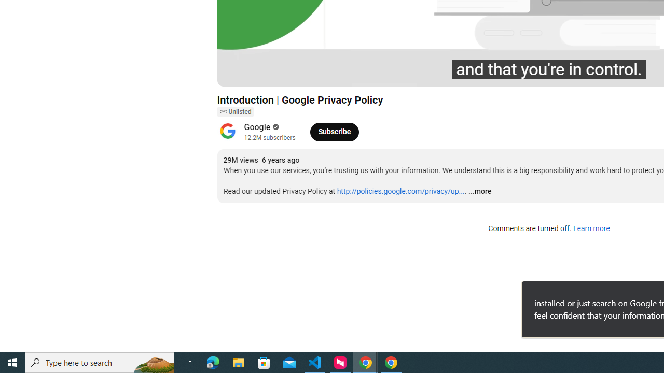 This screenshot has width=664, height=373. I want to click on 'Unlisted', so click(234, 112).